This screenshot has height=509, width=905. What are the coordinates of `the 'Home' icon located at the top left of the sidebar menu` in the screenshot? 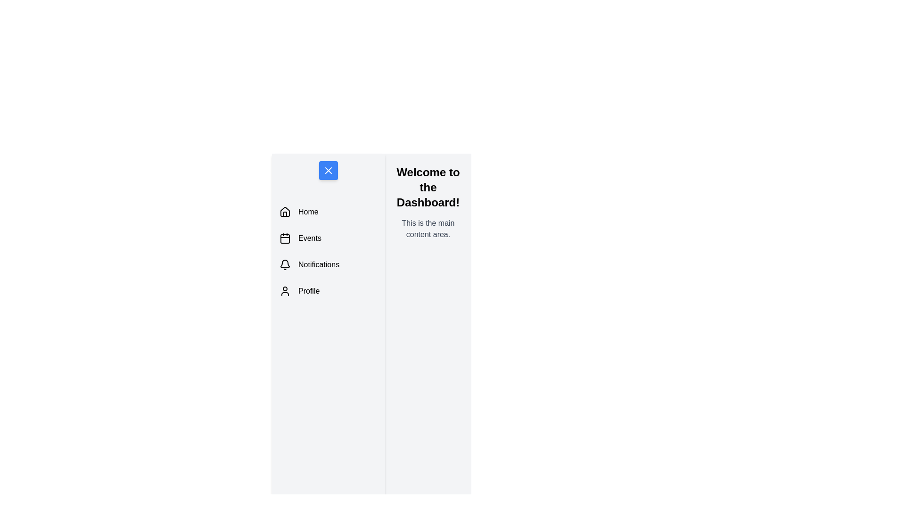 It's located at (284, 212).